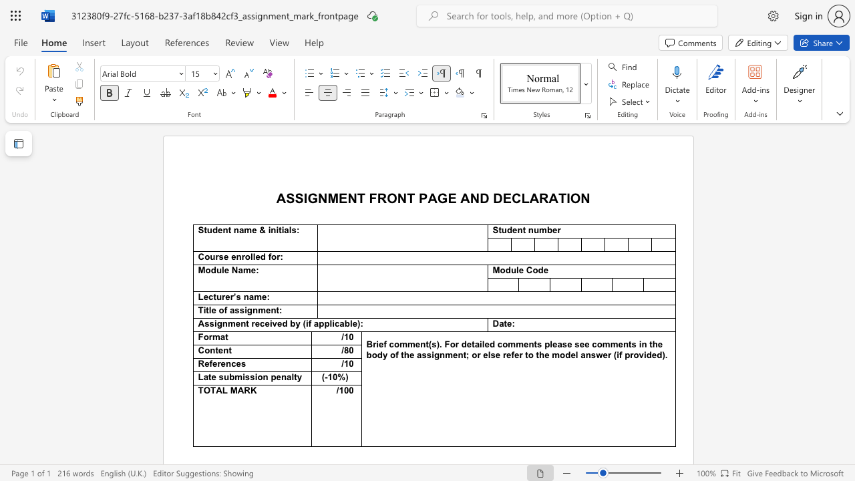  What do you see at coordinates (208, 229) in the screenshot?
I see `the 1th character "u" in the text` at bounding box center [208, 229].